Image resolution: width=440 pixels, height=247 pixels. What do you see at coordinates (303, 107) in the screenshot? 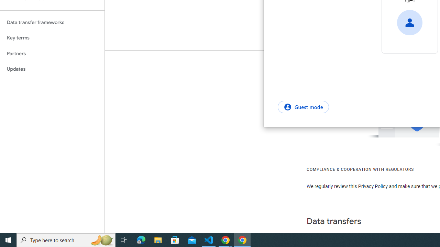
I see `'Guest mode'` at bounding box center [303, 107].